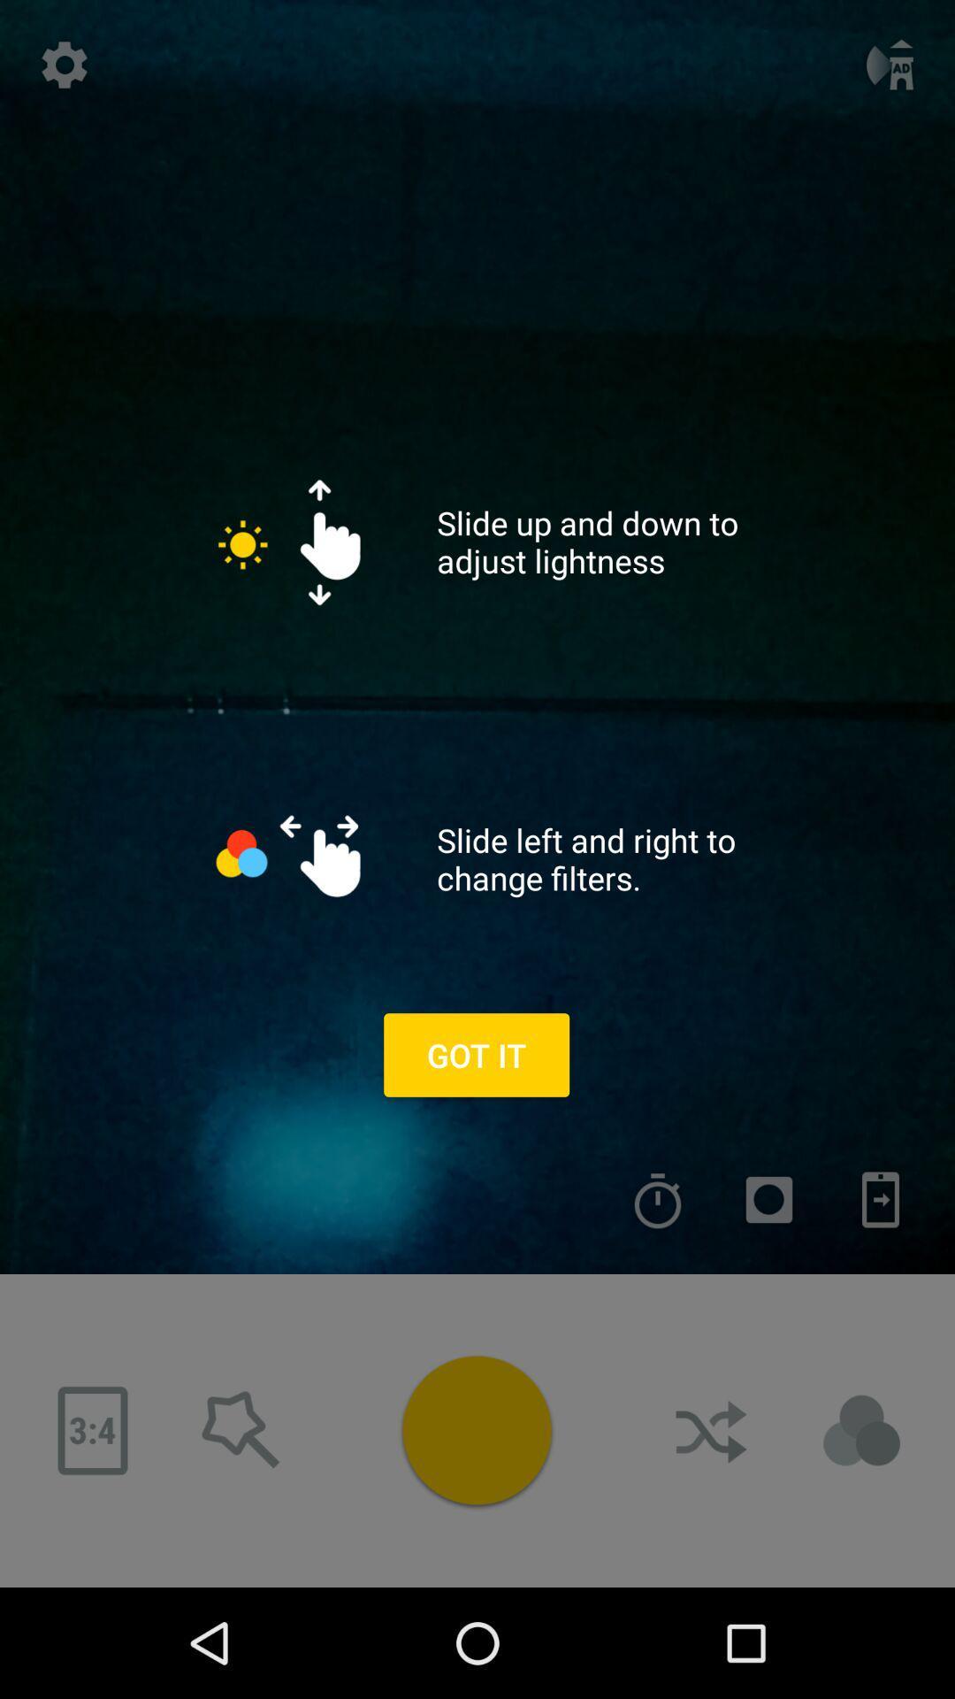 The width and height of the screenshot is (955, 1699). I want to click on the avatar icon, so click(861, 1431).